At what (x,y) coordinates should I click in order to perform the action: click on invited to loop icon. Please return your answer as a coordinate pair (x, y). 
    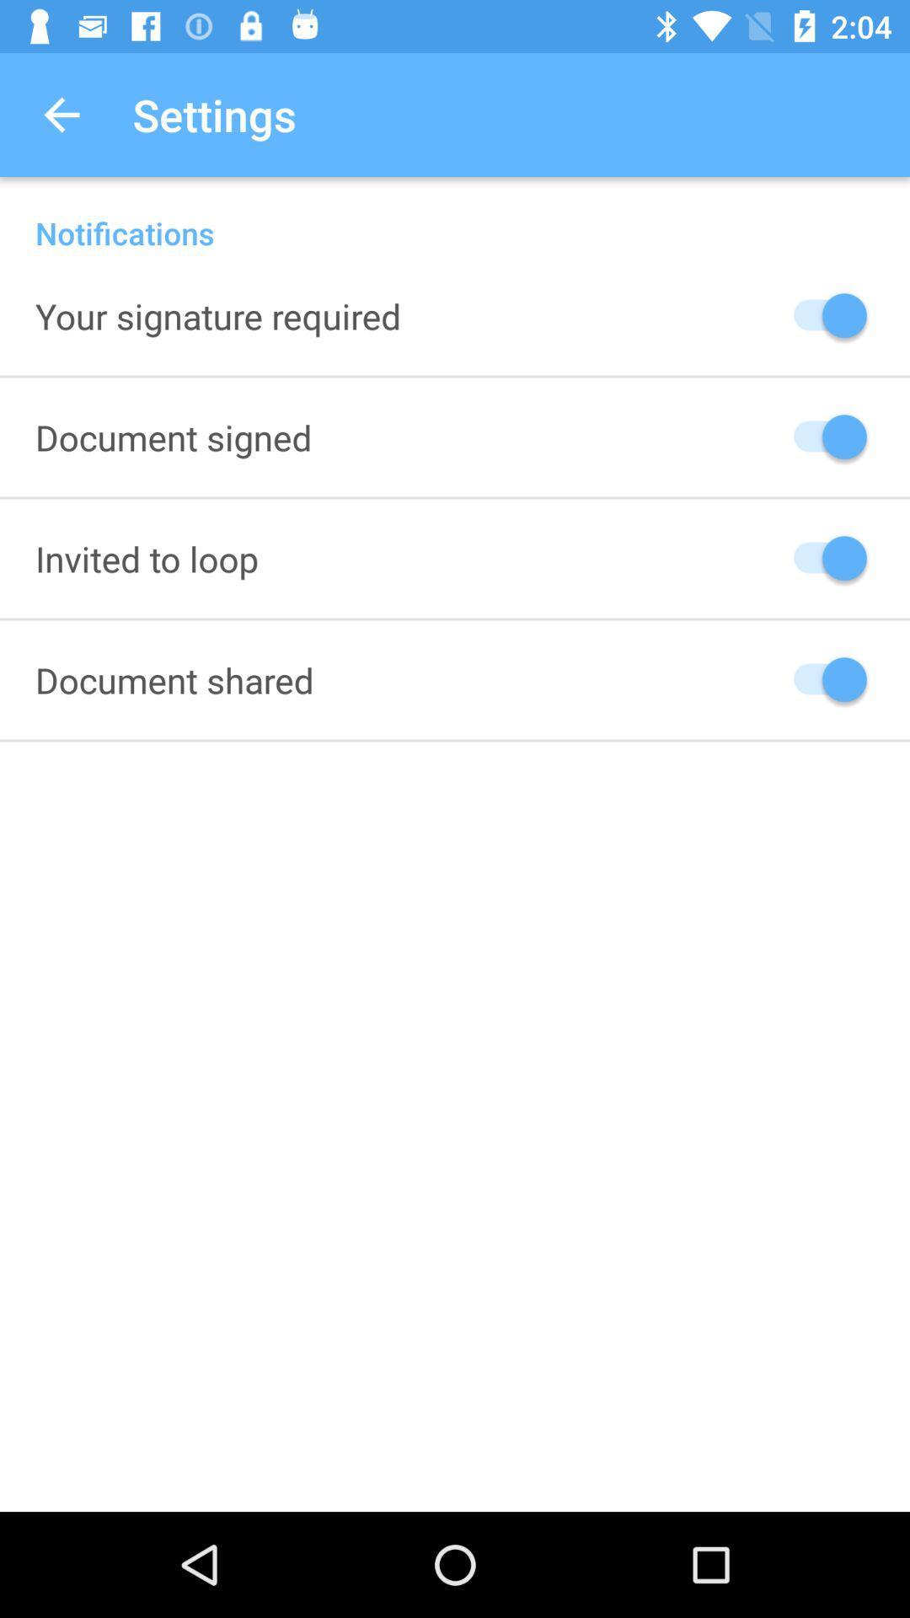
    Looking at the image, I should click on (146, 558).